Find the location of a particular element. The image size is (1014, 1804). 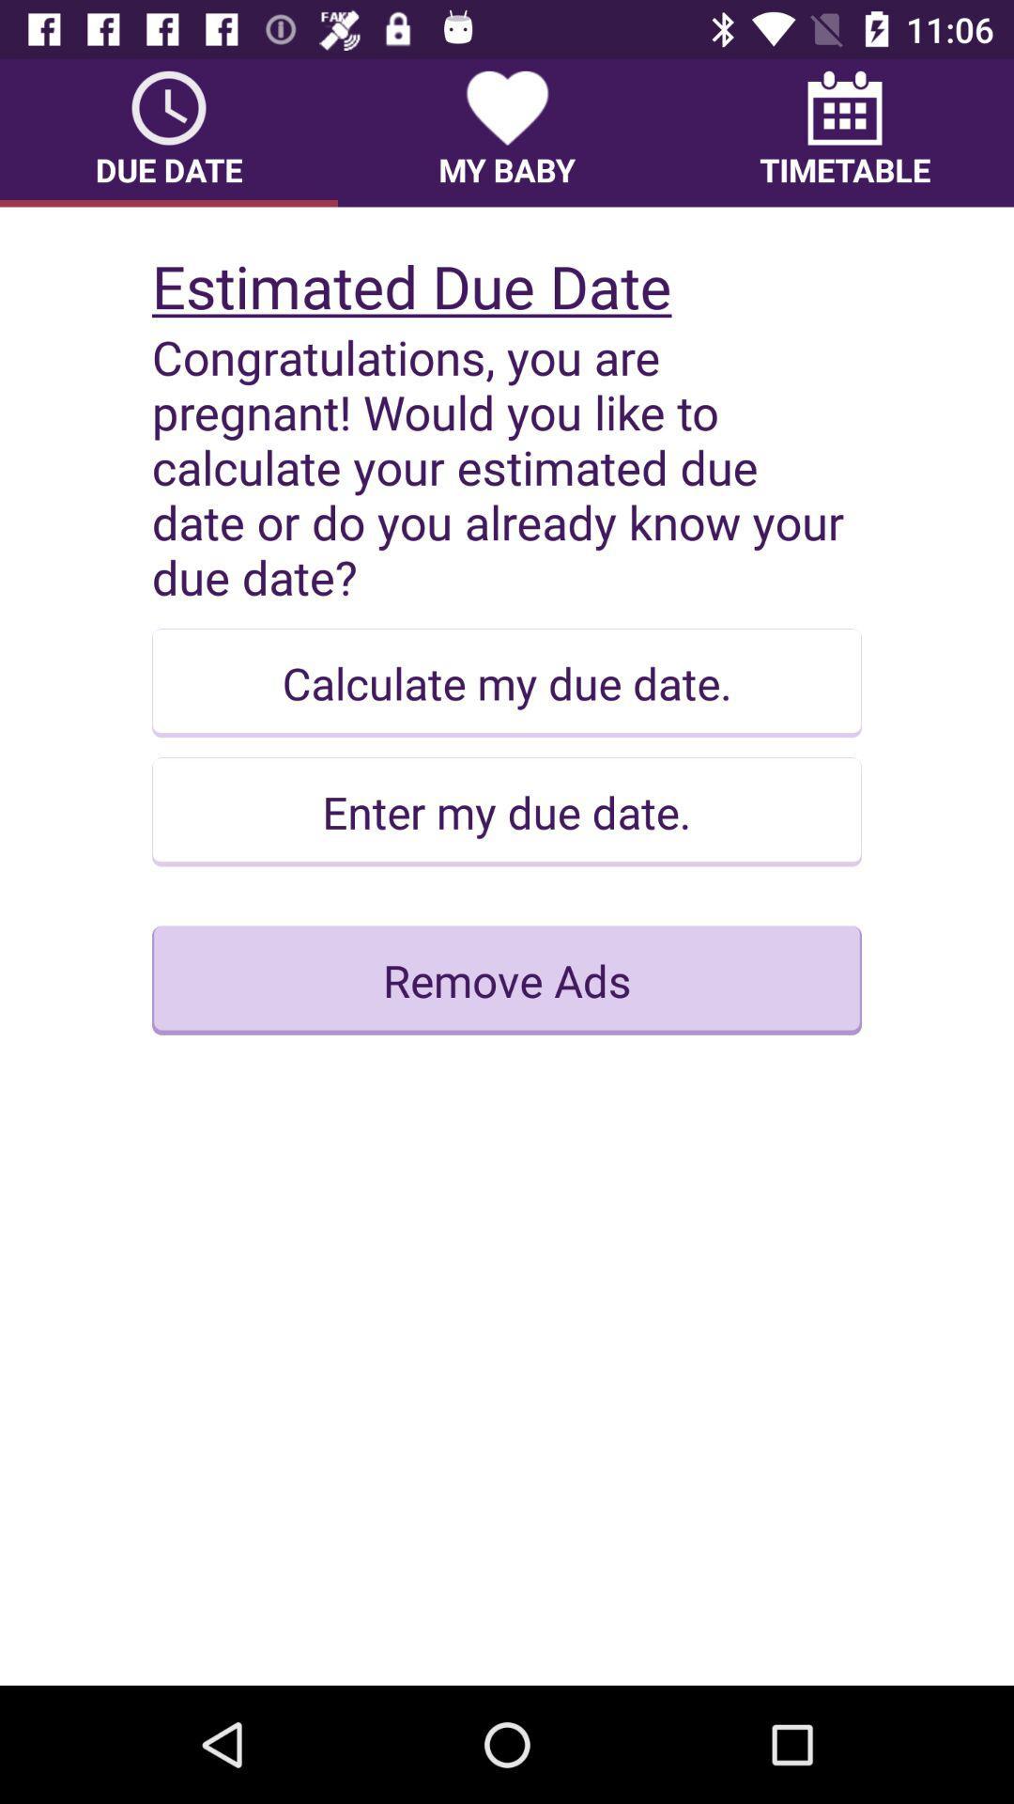

item next to due date icon is located at coordinates (507, 132).